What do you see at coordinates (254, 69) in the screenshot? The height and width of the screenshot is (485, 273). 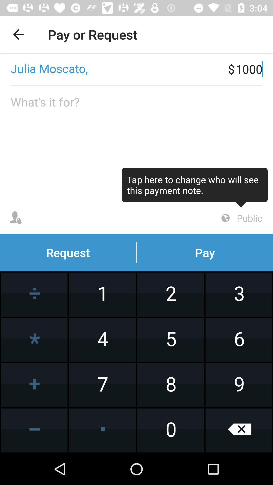 I see `1000 item` at bounding box center [254, 69].